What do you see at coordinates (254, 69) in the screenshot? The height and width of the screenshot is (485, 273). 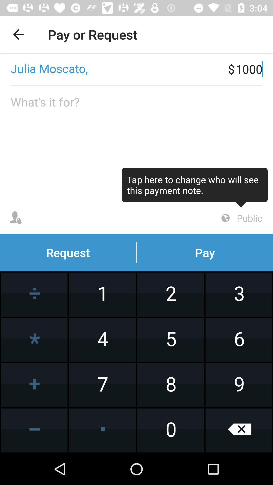 I see `1000 item` at bounding box center [254, 69].